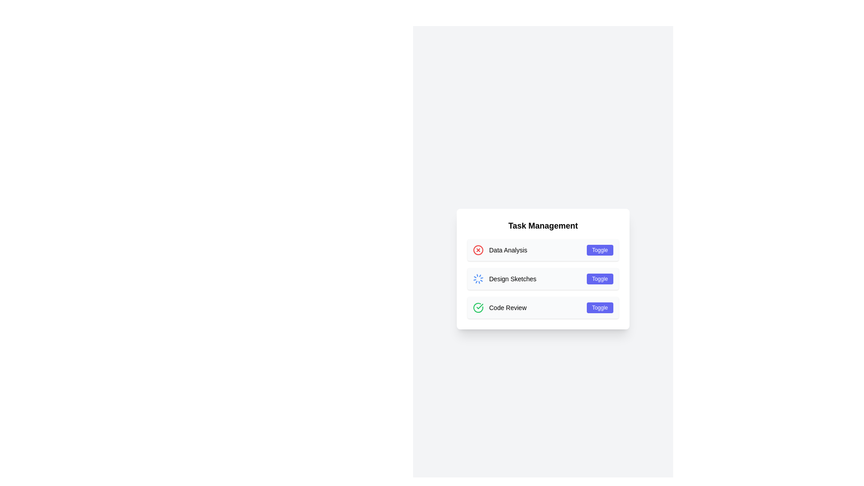 The width and height of the screenshot is (864, 486). What do you see at coordinates (499, 250) in the screenshot?
I see `the 'Data Analysis' label which has a red circular icon with an 'X' symbol next to it, located at the top of the vertical list in the 'Task Management' card` at bounding box center [499, 250].